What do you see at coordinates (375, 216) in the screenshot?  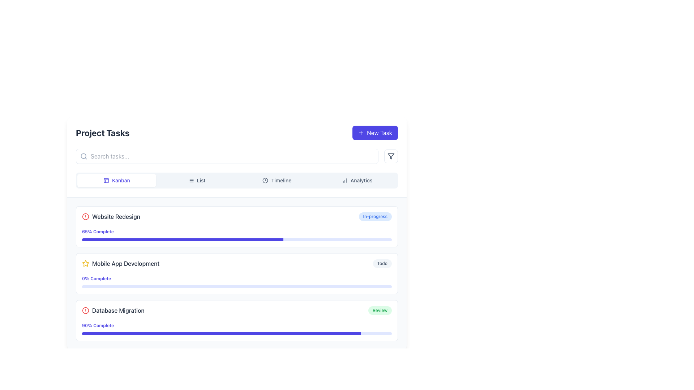 I see `the badge displaying 'In-progress' with a light blue background, located on the far right side of the task list item labeled 'Website Redesign'` at bounding box center [375, 216].